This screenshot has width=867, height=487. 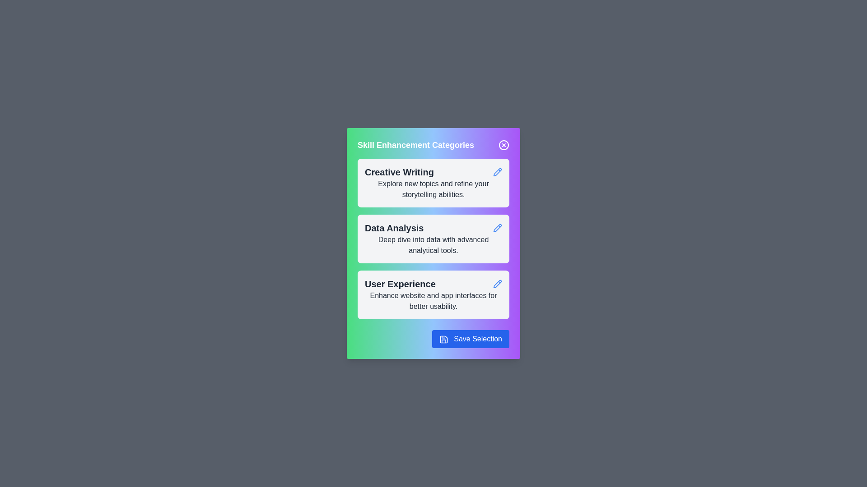 I want to click on the category card for Creative Writing, so click(x=433, y=183).